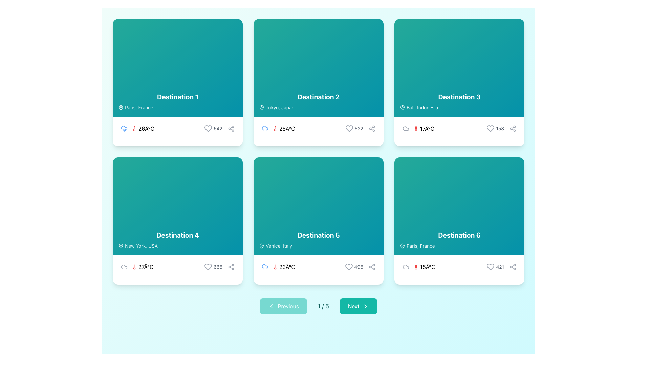 This screenshot has height=366, width=650. What do you see at coordinates (278, 129) in the screenshot?
I see `the text display in the lower section of the 'Destination 2' card to associate the temperature with the weather condition` at bounding box center [278, 129].